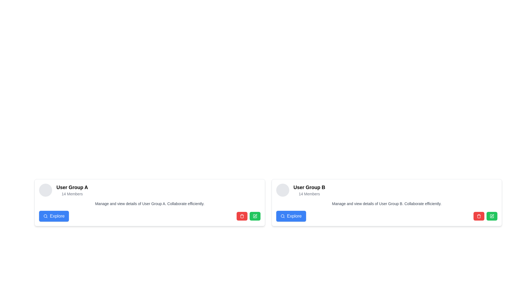 The image size is (521, 293). I want to click on the text displaying the number of members associated with 'User Group B', located below the header within the right section of a card layout, so click(309, 193).